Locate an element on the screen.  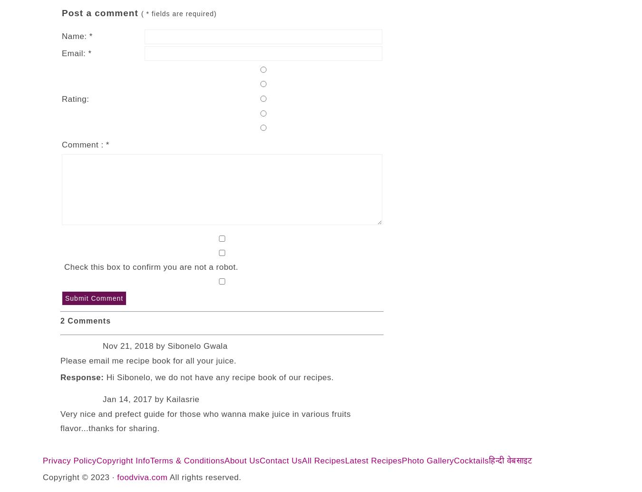
'foodviva.com' is located at coordinates (142, 477).